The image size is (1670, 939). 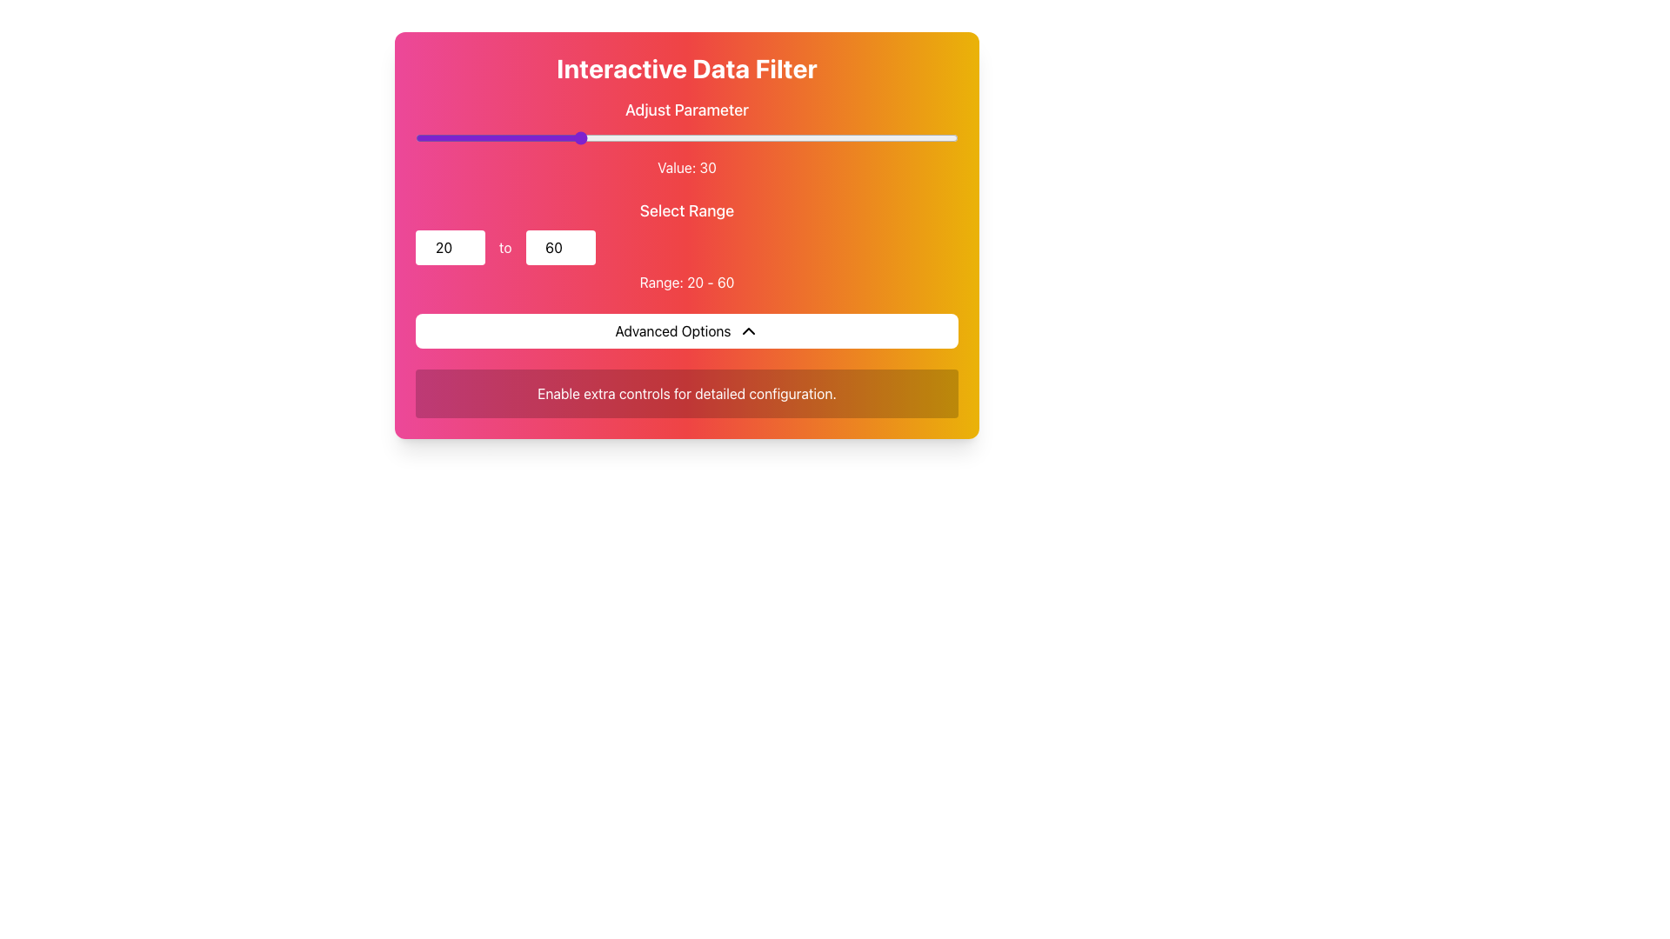 I want to click on the parameter, so click(x=794, y=137).